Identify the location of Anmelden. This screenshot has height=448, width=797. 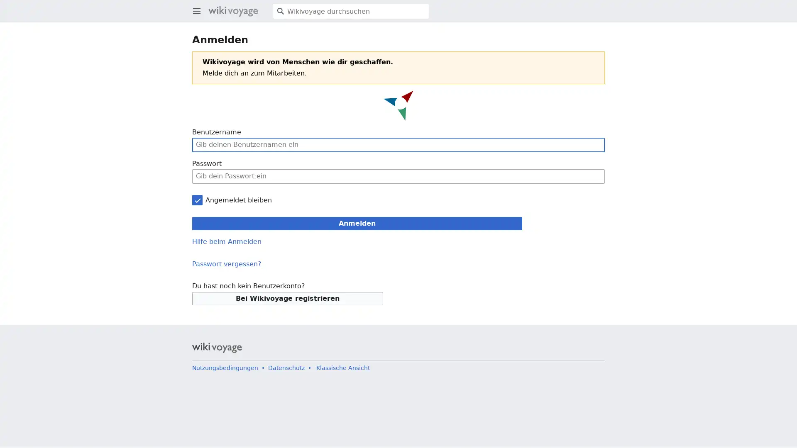
(357, 223).